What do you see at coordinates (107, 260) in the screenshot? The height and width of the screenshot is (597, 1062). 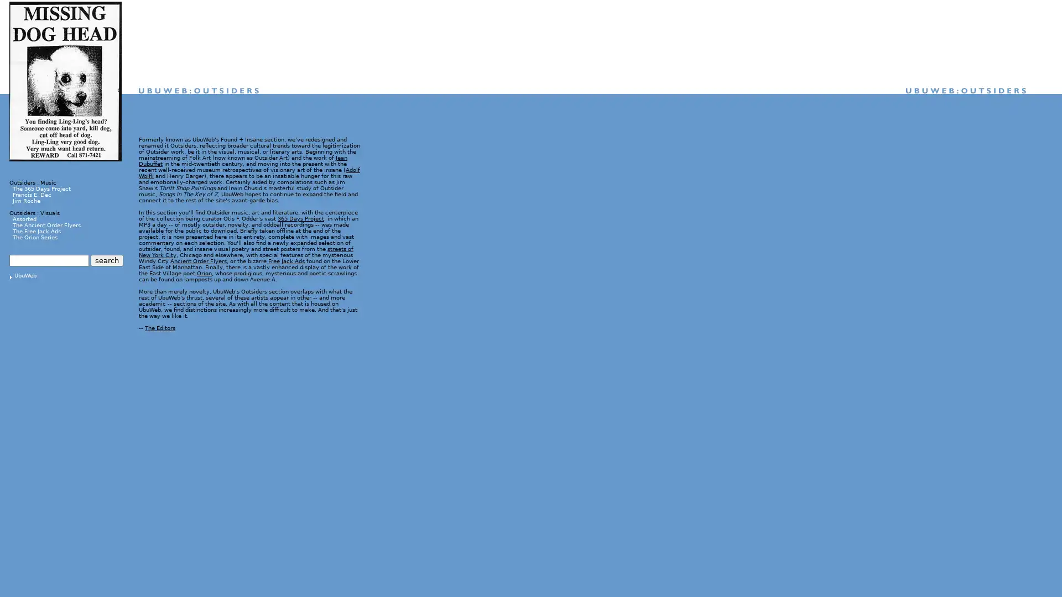 I see `search` at bounding box center [107, 260].